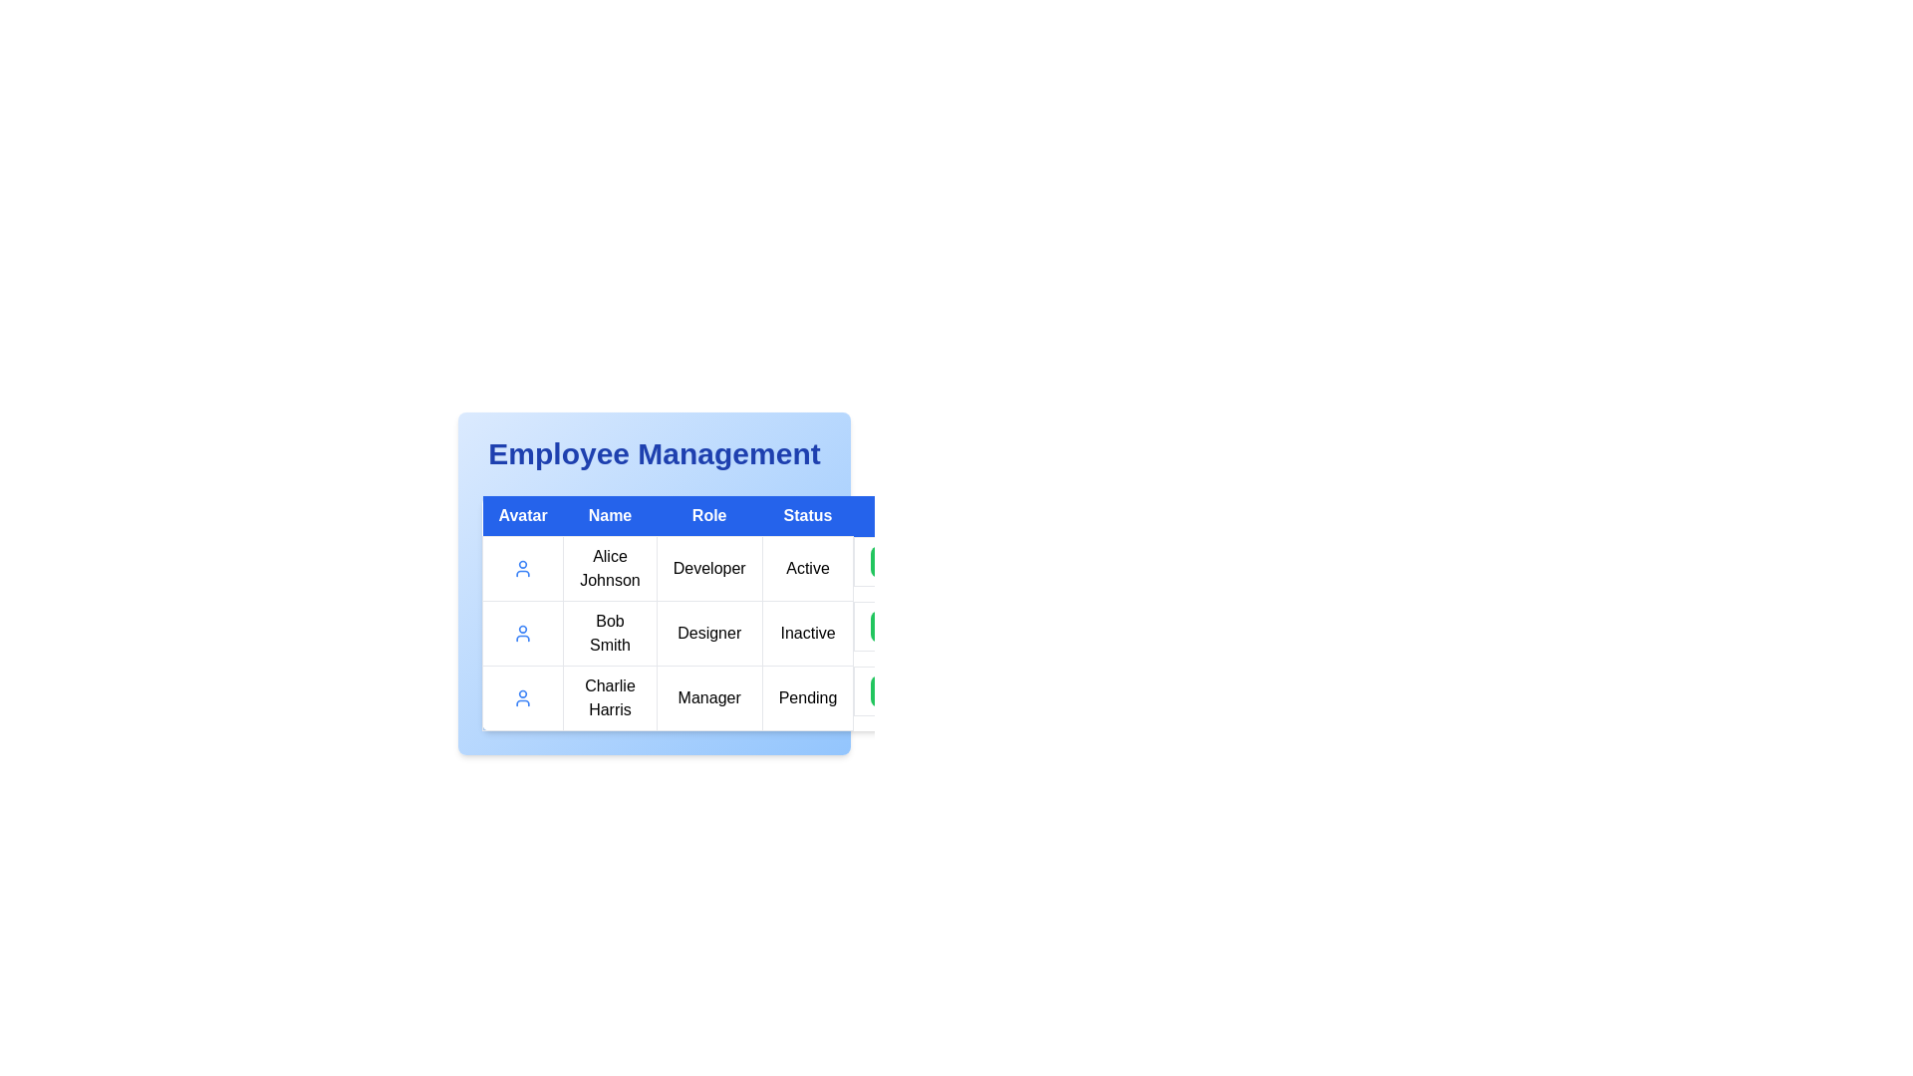 Image resolution: width=1913 pixels, height=1076 pixels. Describe the element at coordinates (808, 697) in the screenshot. I see `the 'Pending' status text label for the 'Charlie Harris' entry in the 'Status' column of the third row` at that location.